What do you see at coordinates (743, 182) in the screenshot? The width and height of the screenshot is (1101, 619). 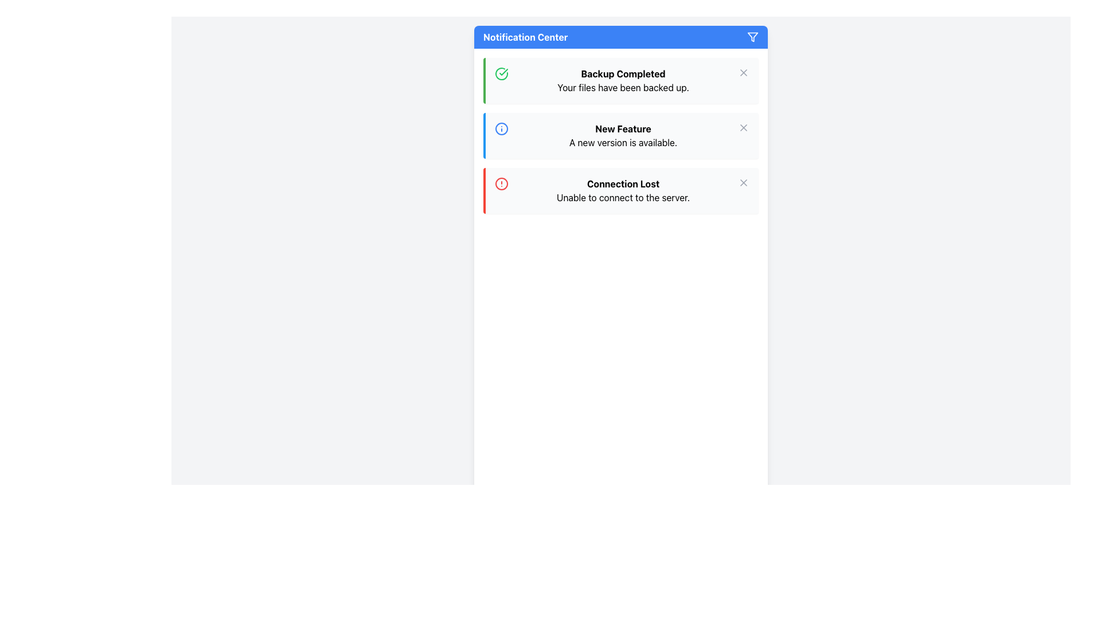 I see `the graphical icon in the top-right corner of the 'Backup Completed' notification card in the 'Notification Center'` at bounding box center [743, 182].